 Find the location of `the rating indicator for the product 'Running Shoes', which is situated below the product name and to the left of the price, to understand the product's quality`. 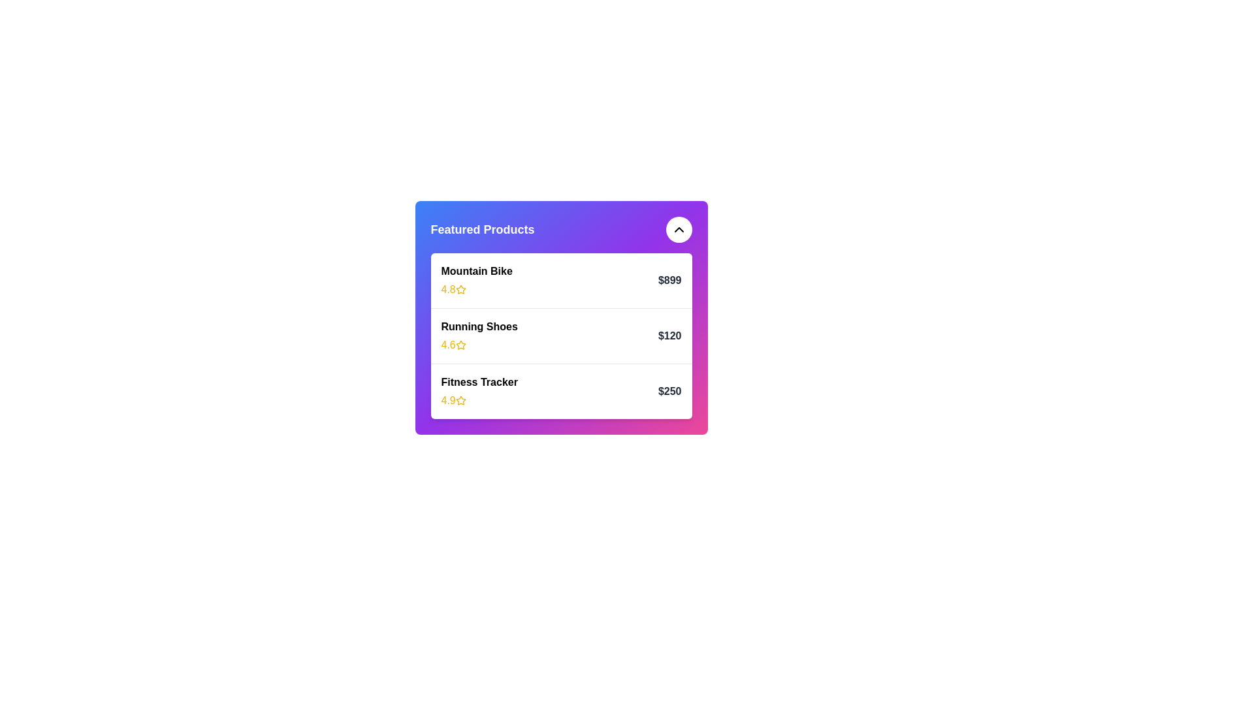

the rating indicator for the product 'Running Shoes', which is situated below the product name and to the left of the price, to understand the product's quality is located at coordinates (479, 344).